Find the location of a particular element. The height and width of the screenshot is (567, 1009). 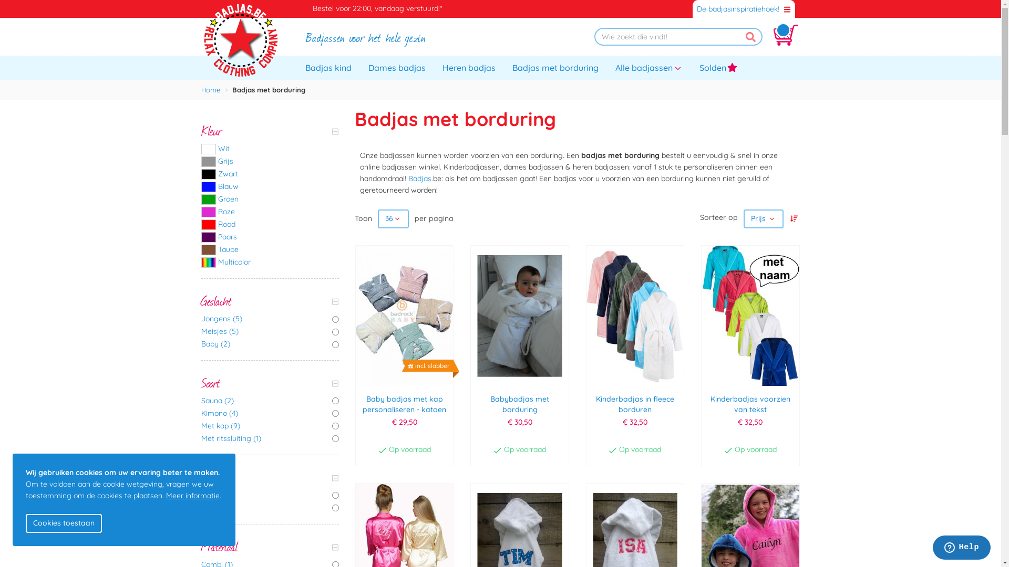

'Solden' is located at coordinates (718, 67).